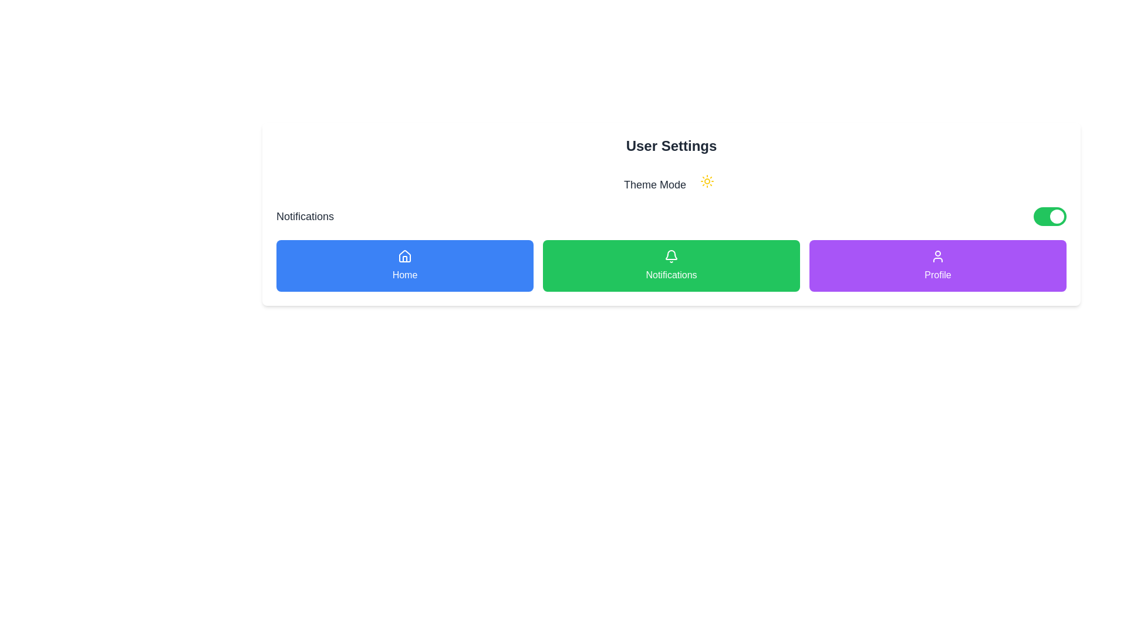 The image size is (1127, 634). Describe the element at coordinates (937, 265) in the screenshot. I see `the 'Profile' button with a purple background and white text` at that location.